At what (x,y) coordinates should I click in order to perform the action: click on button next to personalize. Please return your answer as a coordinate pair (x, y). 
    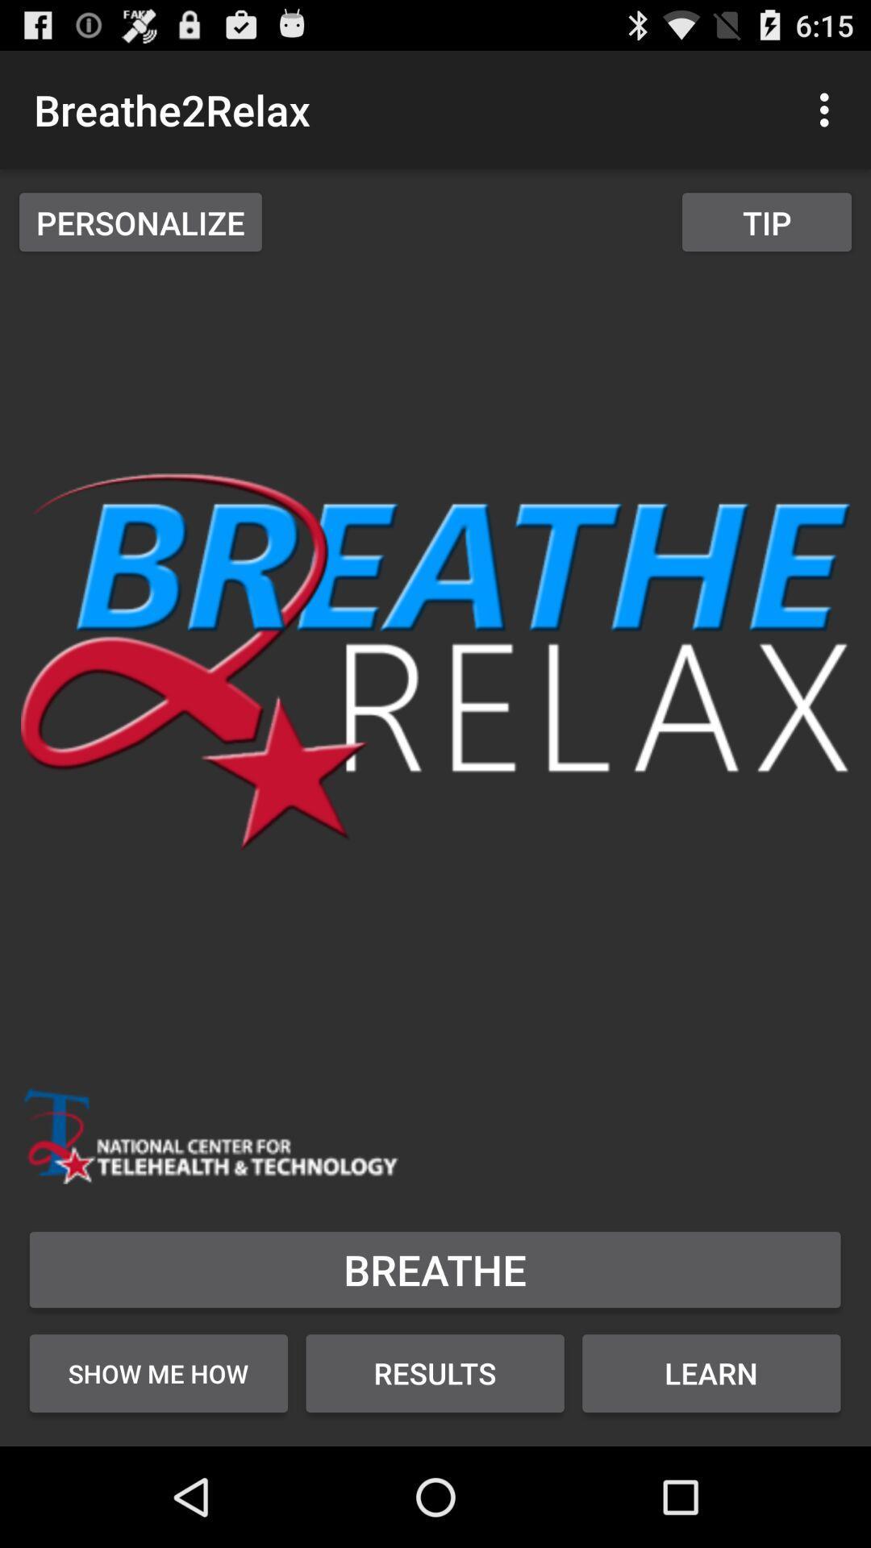
    Looking at the image, I should click on (766, 221).